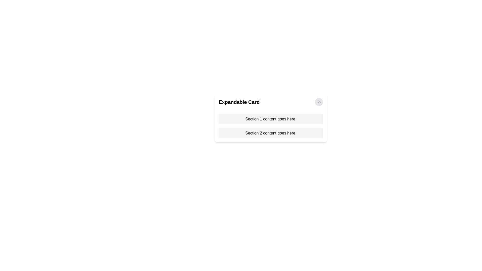 This screenshot has height=271, width=482. What do you see at coordinates (239, 102) in the screenshot?
I see `the bold text label reading 'Expandable Card', which is styled as a title in the header of the expandable card component` at bounding box center [239, 102].